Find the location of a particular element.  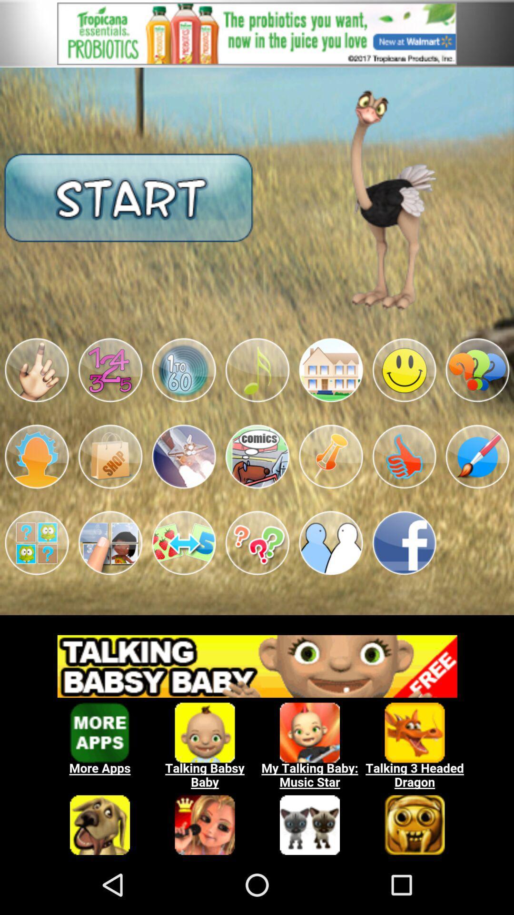

shows hand sumbol is located at coordinates (36, 370).